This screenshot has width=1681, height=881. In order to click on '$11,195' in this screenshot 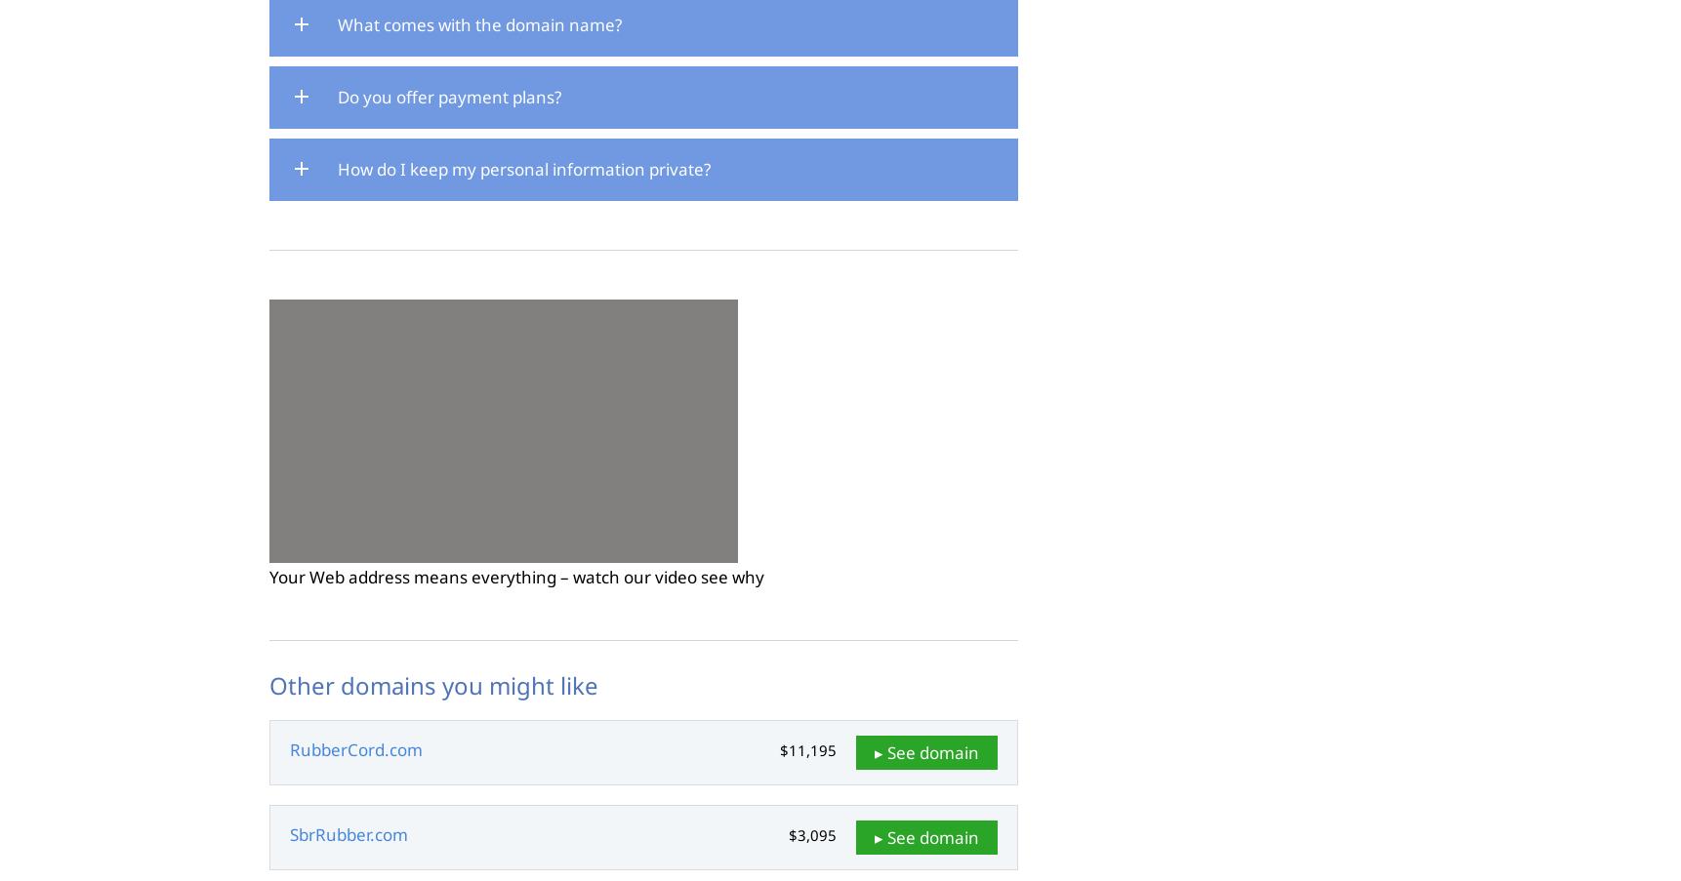, I will do `click(780, 749)`.